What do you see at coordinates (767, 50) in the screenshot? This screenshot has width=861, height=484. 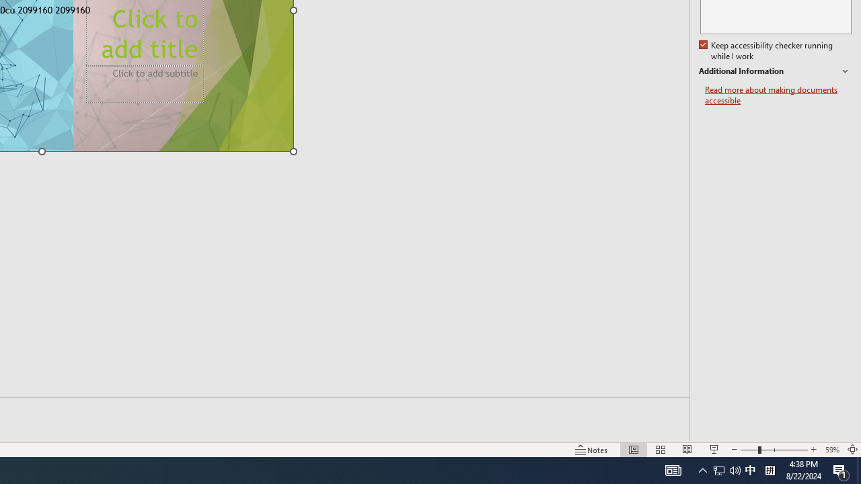 I see `'Keep accessibility checker running while I work'` at bounding box center [767, 50].